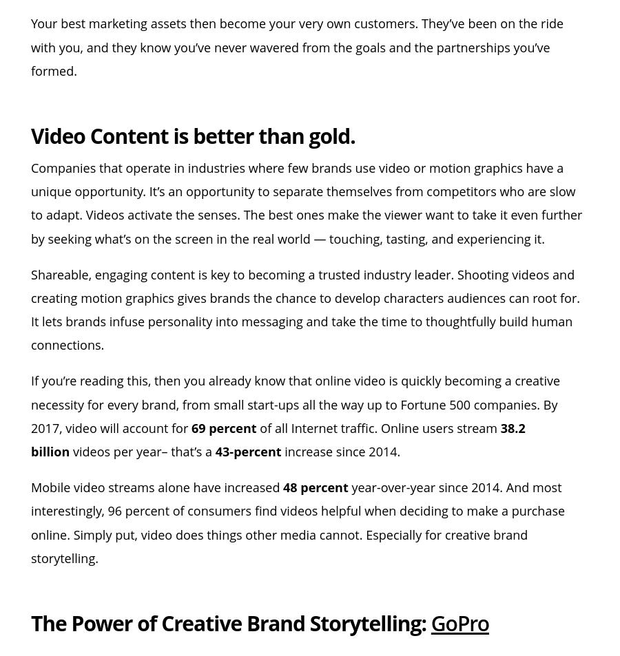 Image resolution: width=620 pixels, height=656 pixels. Describe the element at coordinates (459, 622) in the screenshot. I see `'GoPro'` at that location.